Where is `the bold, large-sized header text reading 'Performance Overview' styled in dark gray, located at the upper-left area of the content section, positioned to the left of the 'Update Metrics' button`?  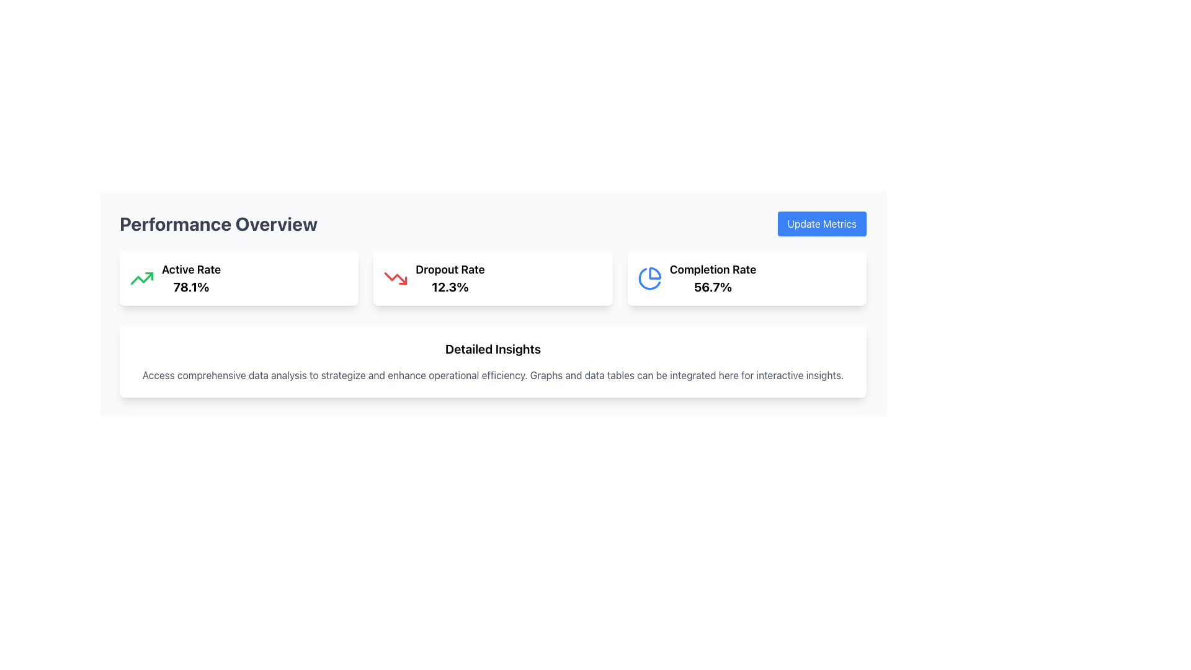 the bold, large-sized header text reading 'Performance Overview' styled in dark gray, located at the upper-left area of the content section, positioned to the left of the 'Update Metrics' button is located at coordinates (218, 224).